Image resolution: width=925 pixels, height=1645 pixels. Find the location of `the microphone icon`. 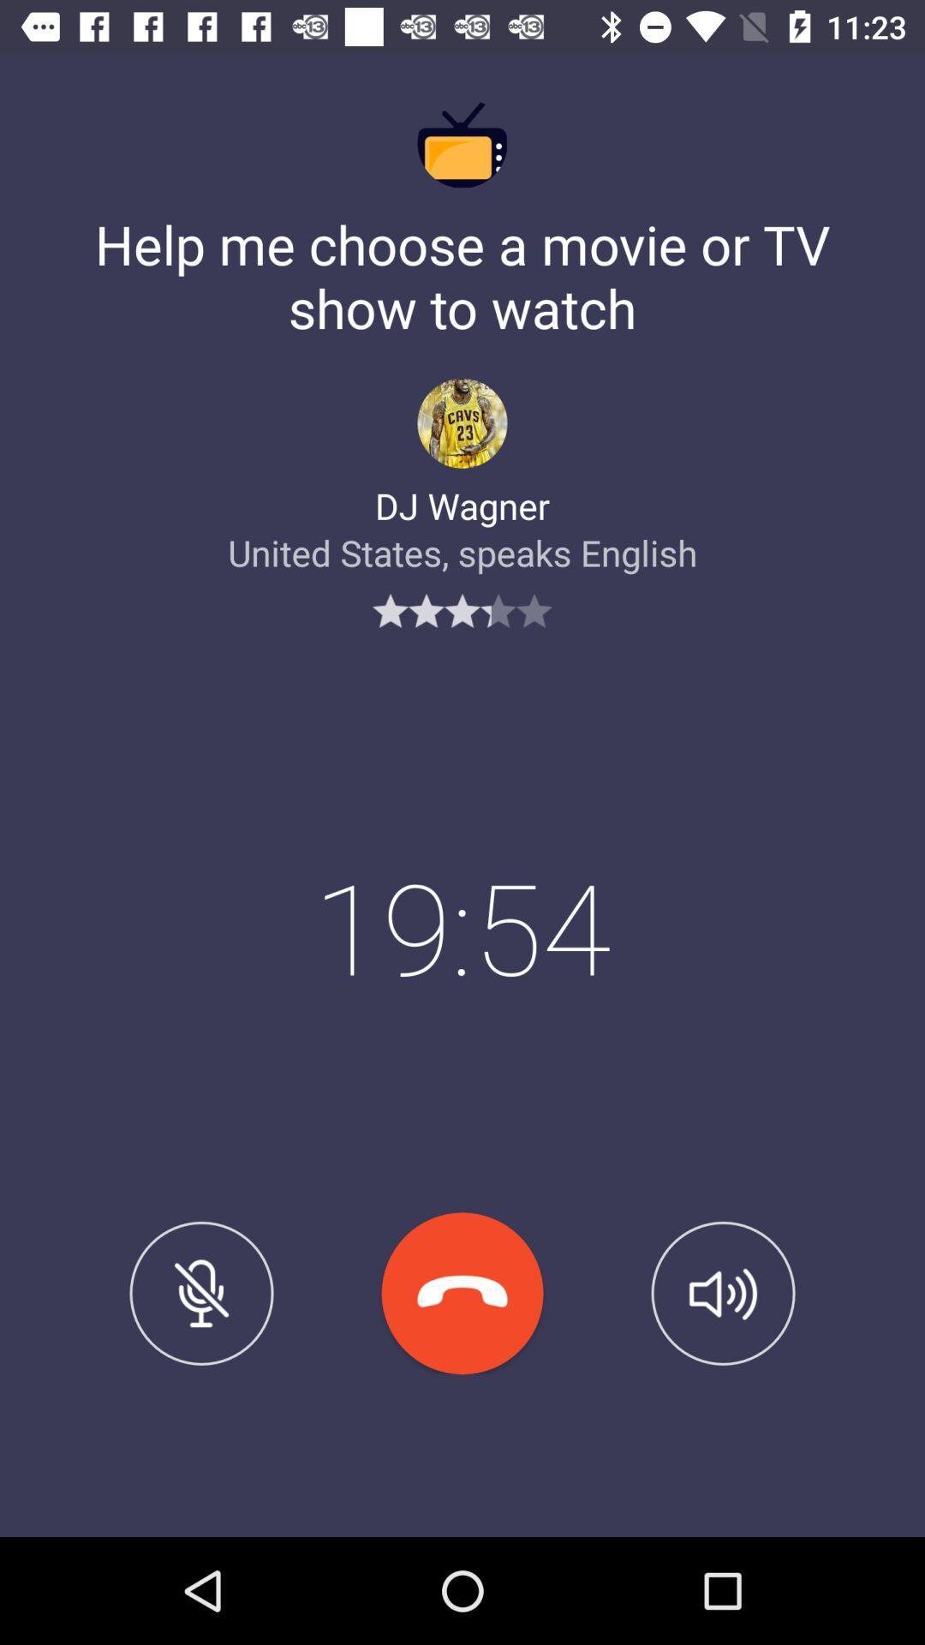

the microphone icon is located at coordinates (200, 1293).